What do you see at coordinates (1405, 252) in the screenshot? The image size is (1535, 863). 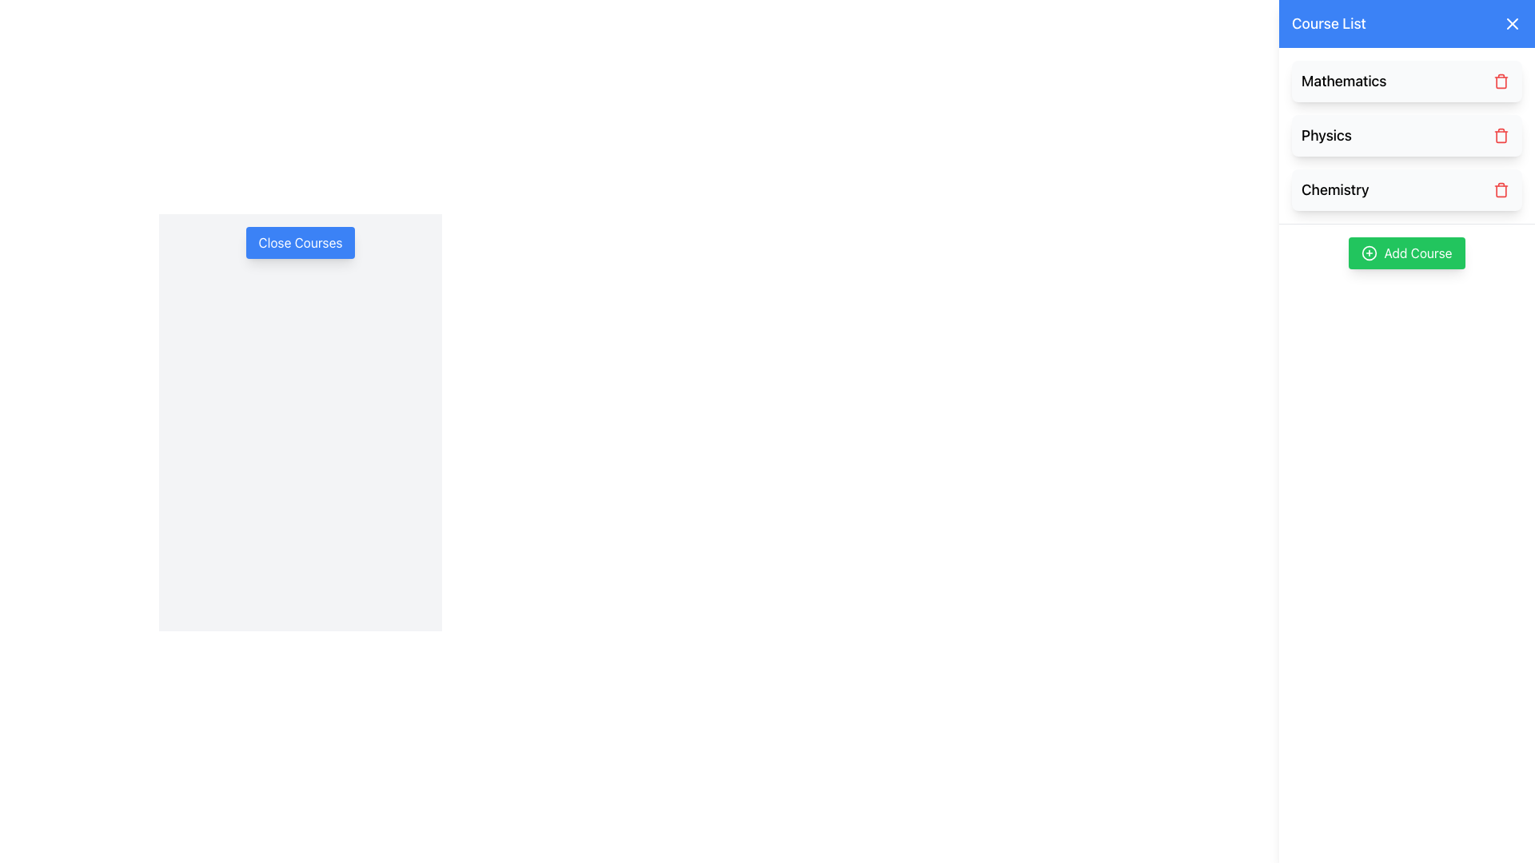 I see `the 'Add Course' button, which is a vibrant green rectangular button with rounded corners and white text, to add a course` at bounding box center [1405, 252].